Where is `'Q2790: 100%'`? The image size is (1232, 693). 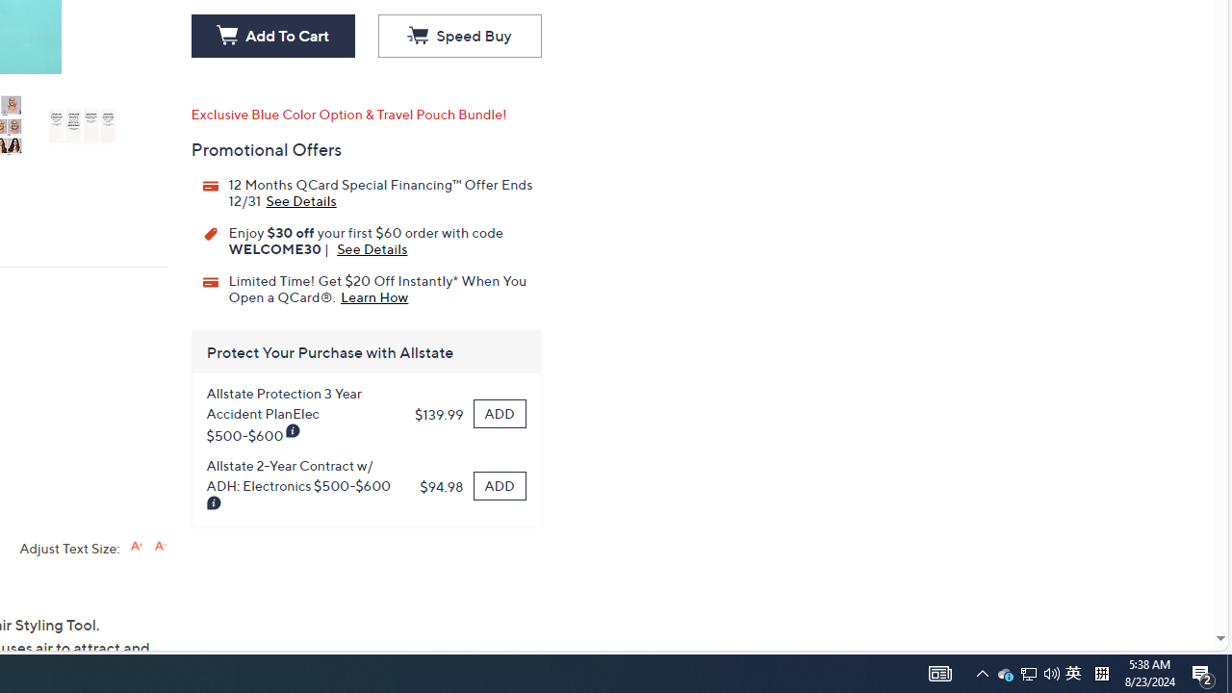
'Q2790: 100%' is located at coordinates (1051, 672).